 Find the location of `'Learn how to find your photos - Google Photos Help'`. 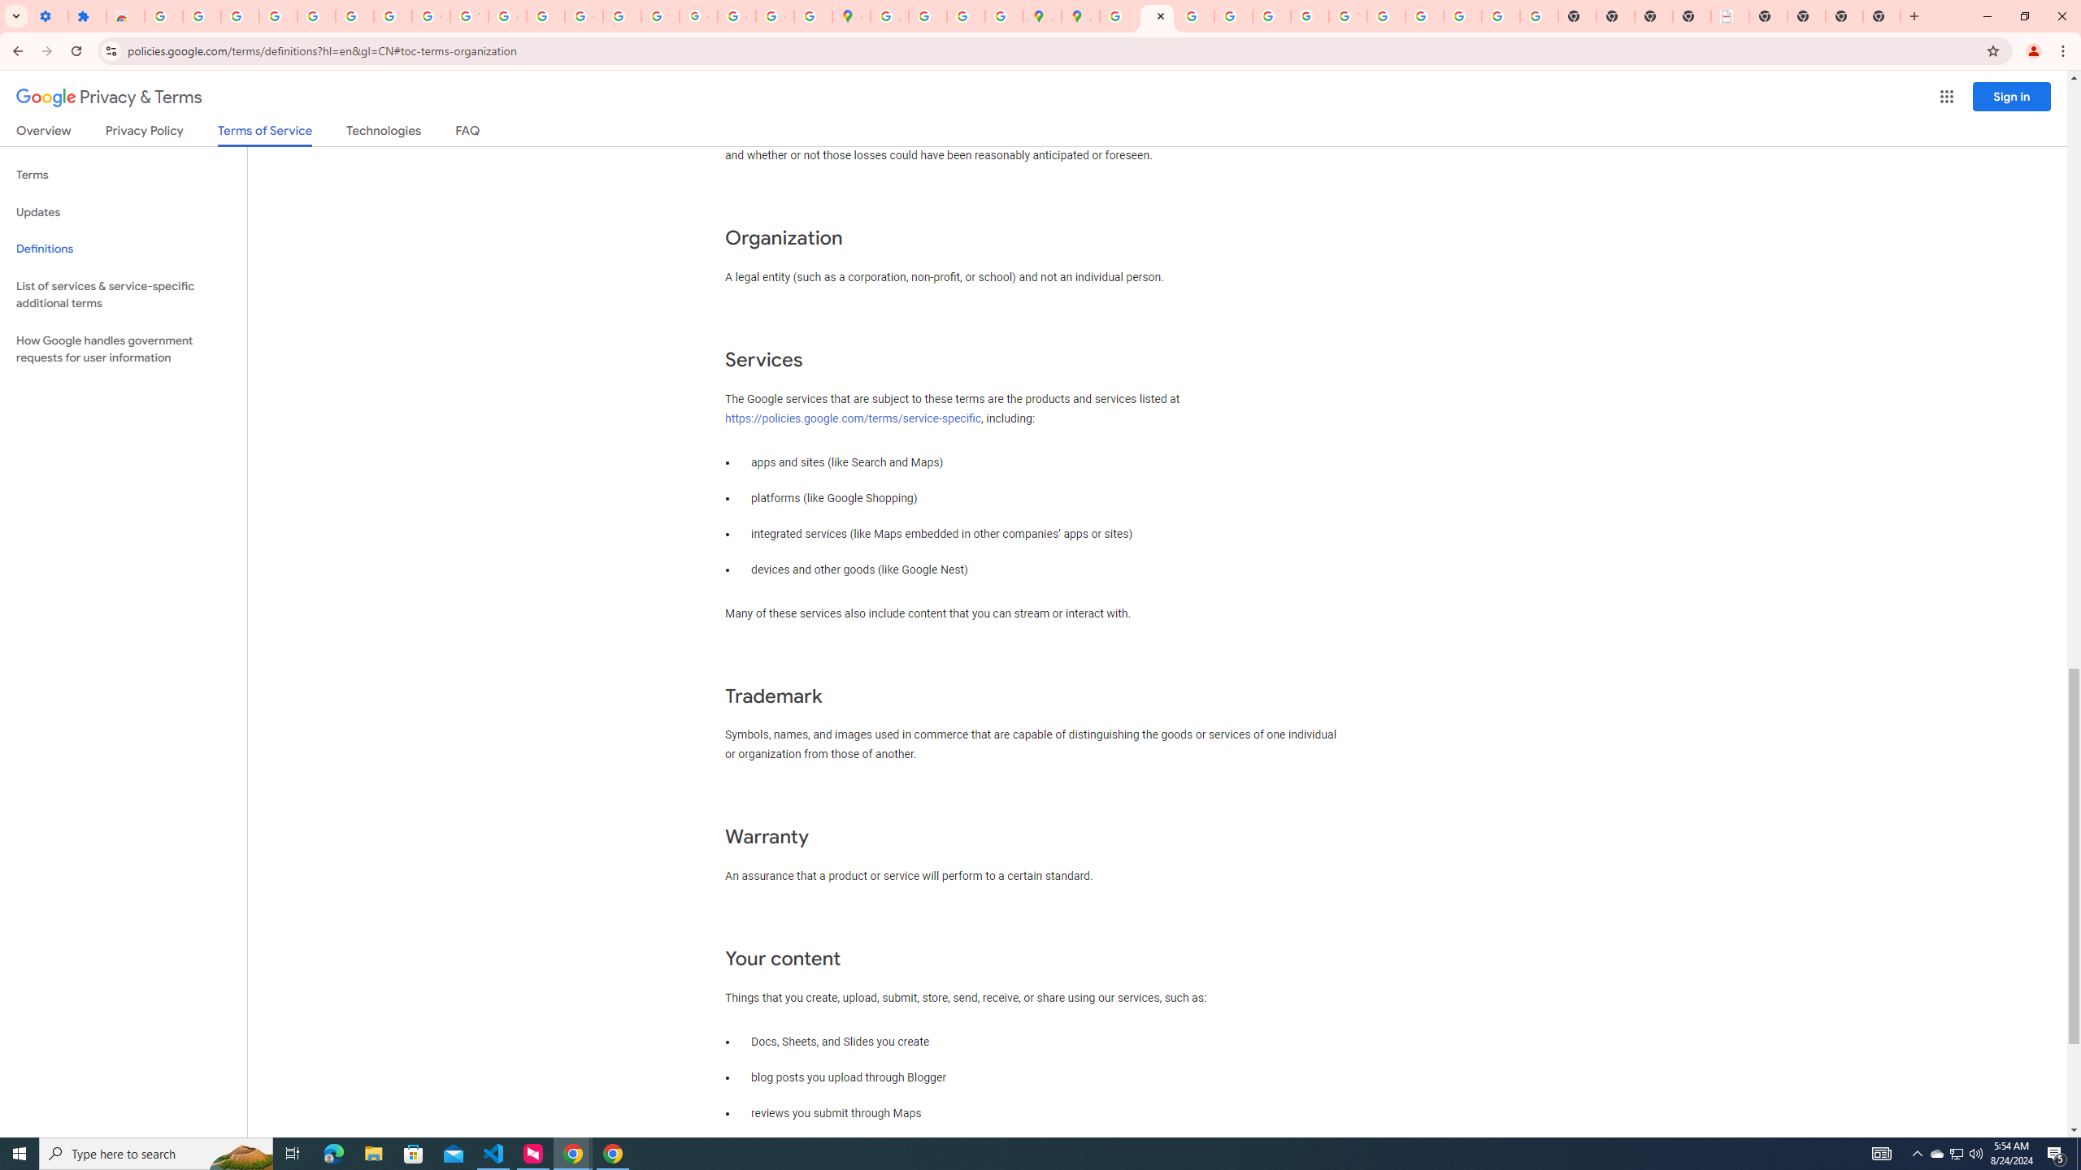

'Learn how to find your photos - Google Photos Help' is located at coordinates (277, 15).